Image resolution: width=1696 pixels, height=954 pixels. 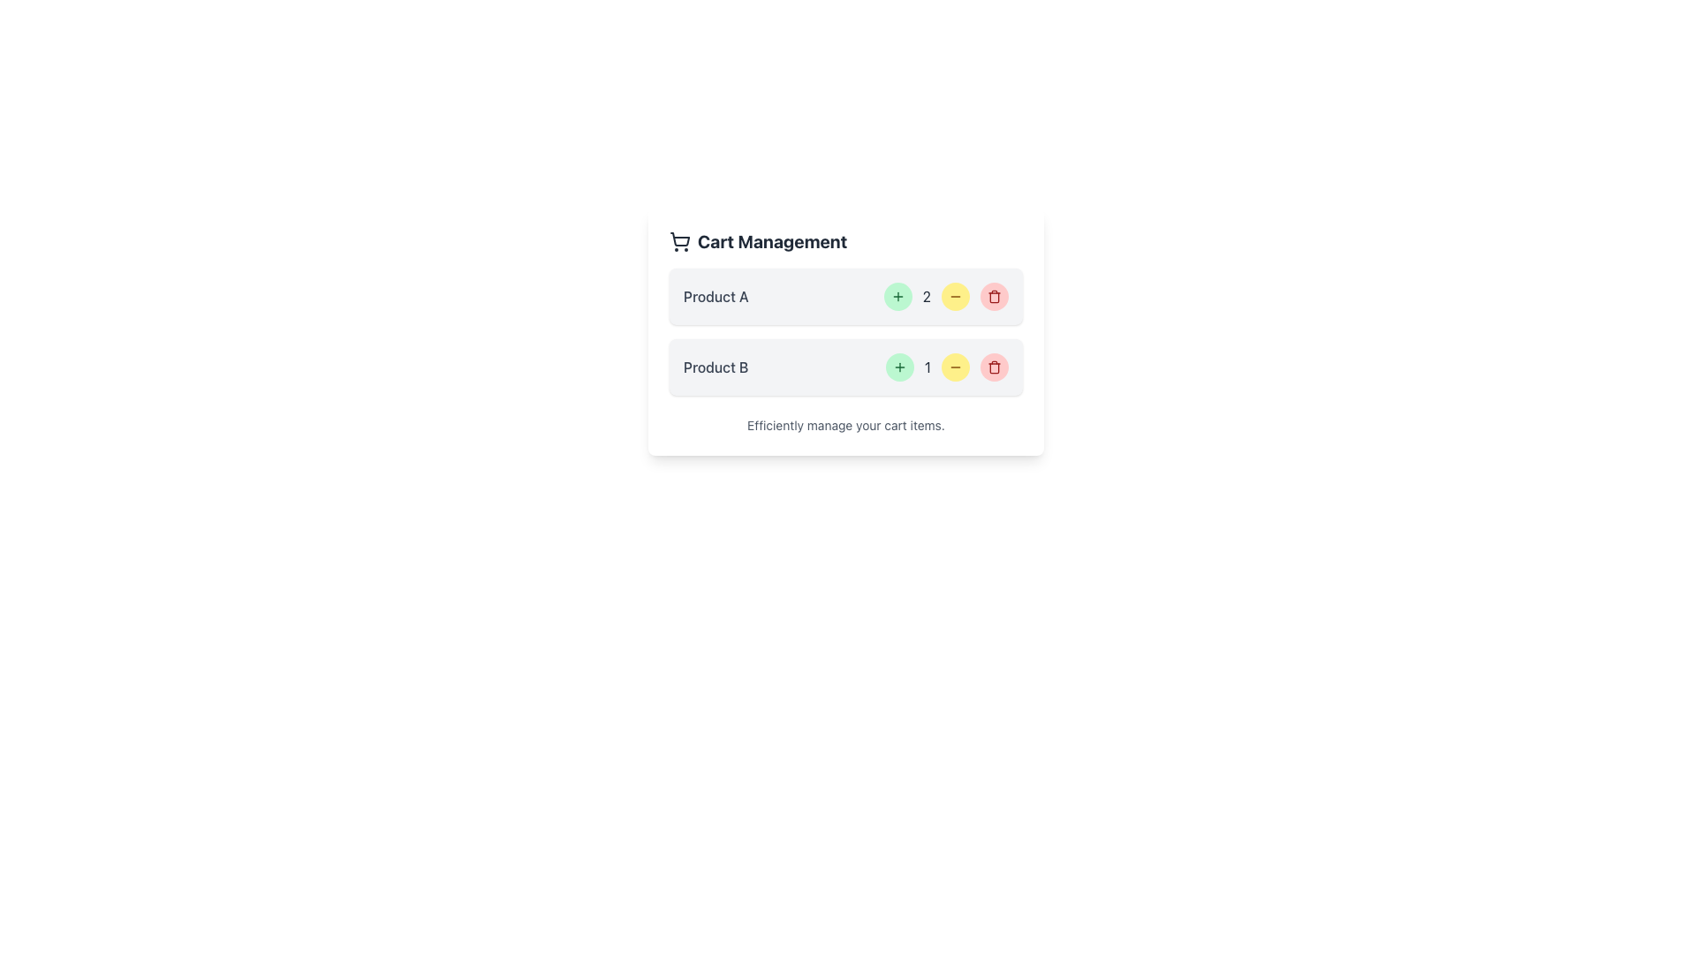 I want to click on the shopping cart icon, which is a clean, two-dimensional line drawing with a black outline on a white background, located on the left side of the 'Cart Management' title, so click(x=678, y=241).